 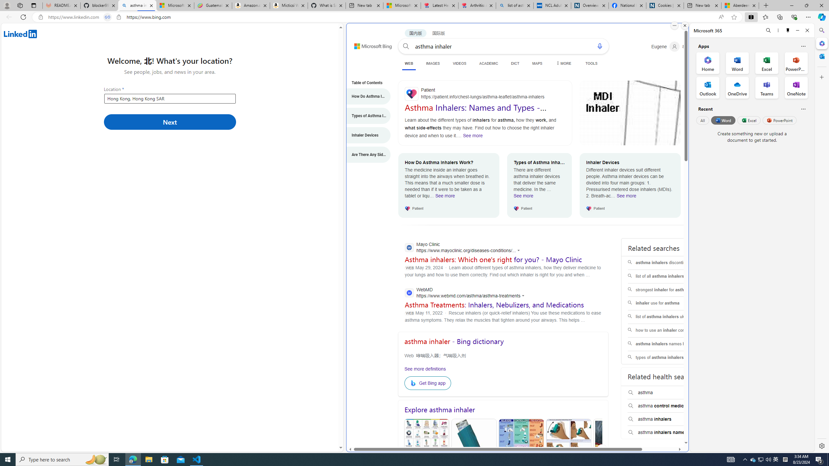 I want to click on 'Asthma Inhaler Colors', so click(x=426, y=450).